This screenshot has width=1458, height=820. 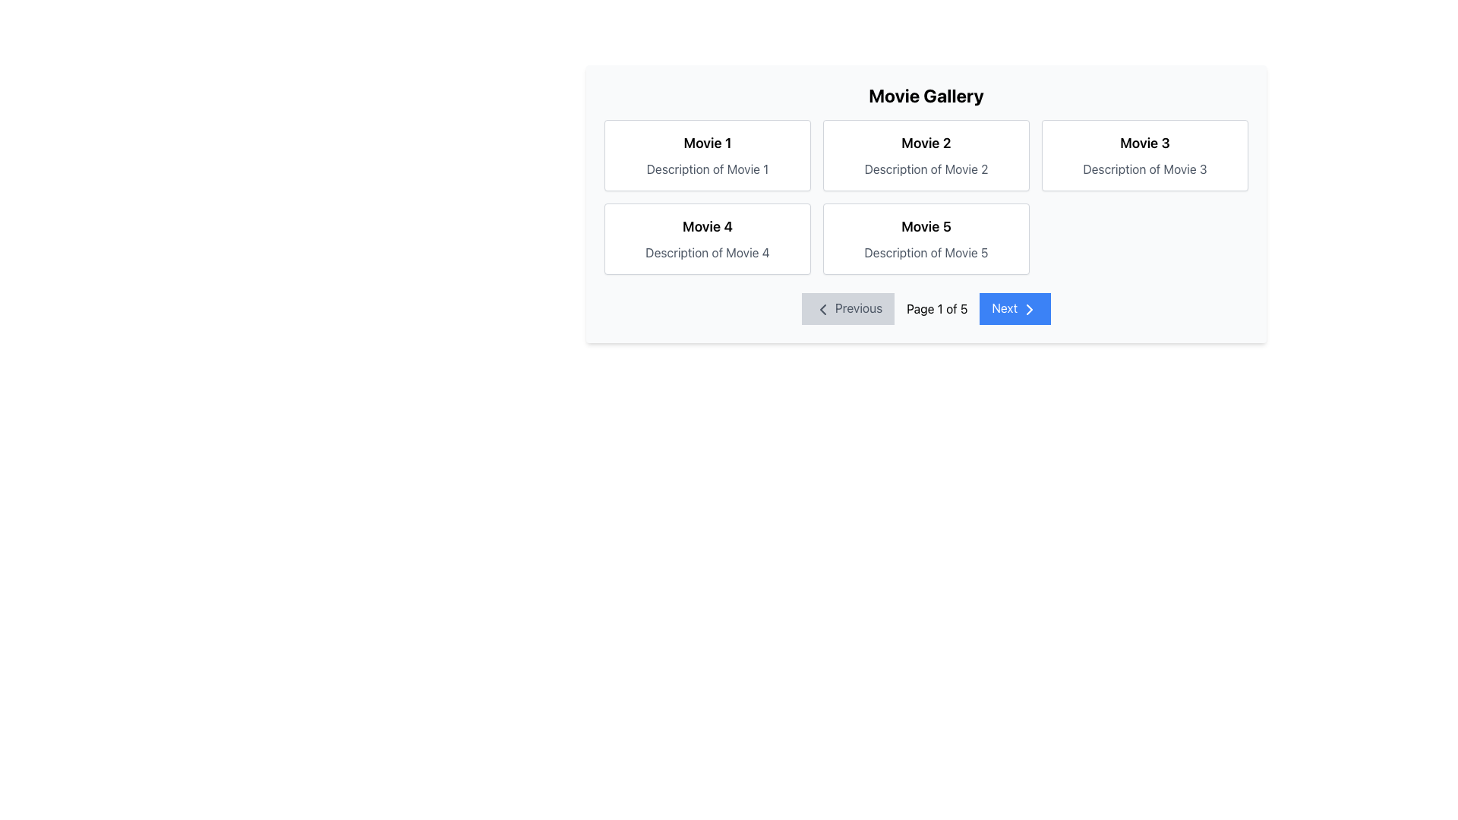 I want to click on the Grid Layout containing five movie boxes in the 'Movie Gallery' section, so click(x=925, y=196).